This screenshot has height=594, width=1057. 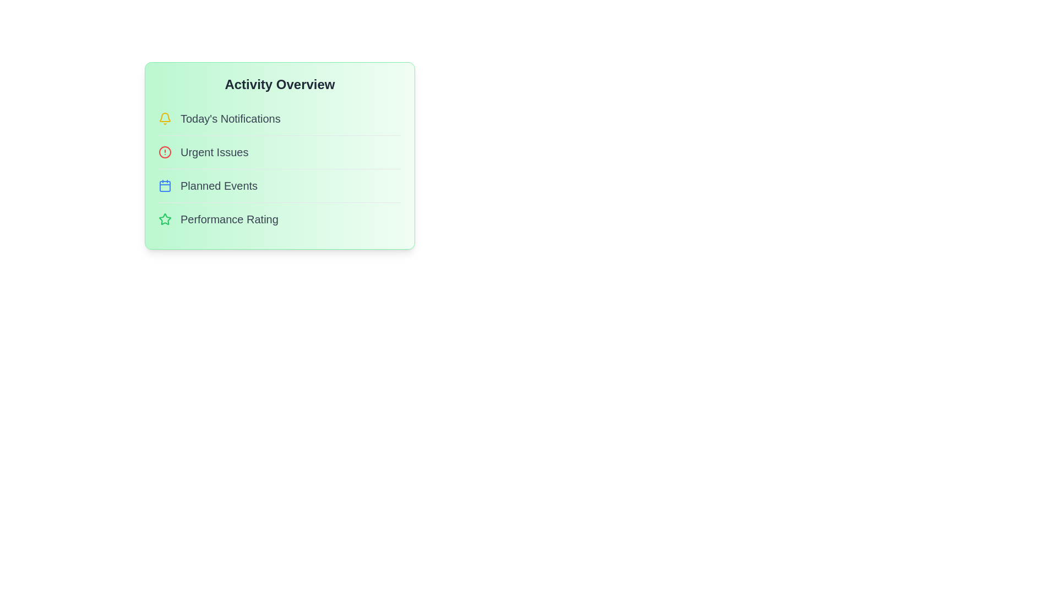 What do you see at coordinates (164, 117) in the screenshot?
I see `the decorative bell icon located to the left of the 'Today's Notifications' text in the activity overview component` at bounding box center [164, 117].